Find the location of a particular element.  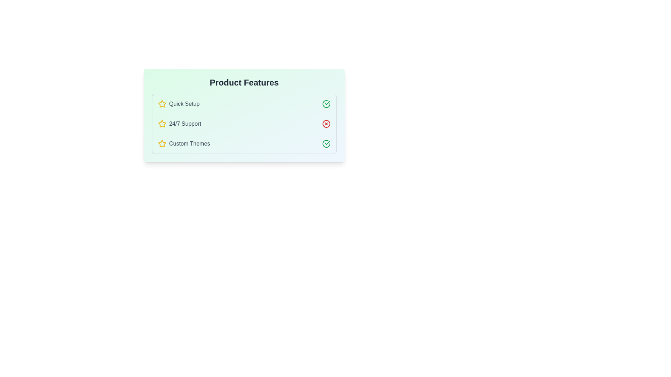

star icon next to the feature named Quick Setup is located at coordinates (162, 104).